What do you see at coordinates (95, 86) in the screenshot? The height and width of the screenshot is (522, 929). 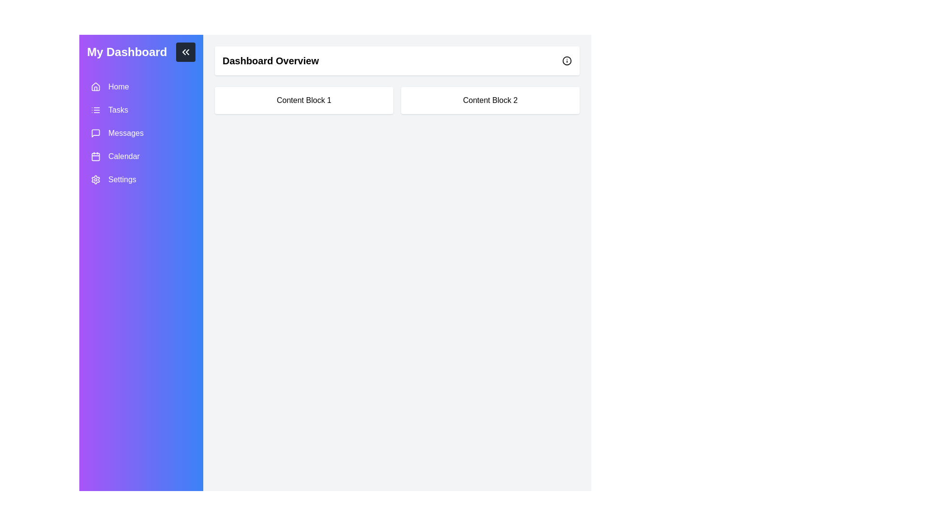 I see `the house icon located in the left-hand navigation panel above the 'Home' text` at bounding box center [95, 86].